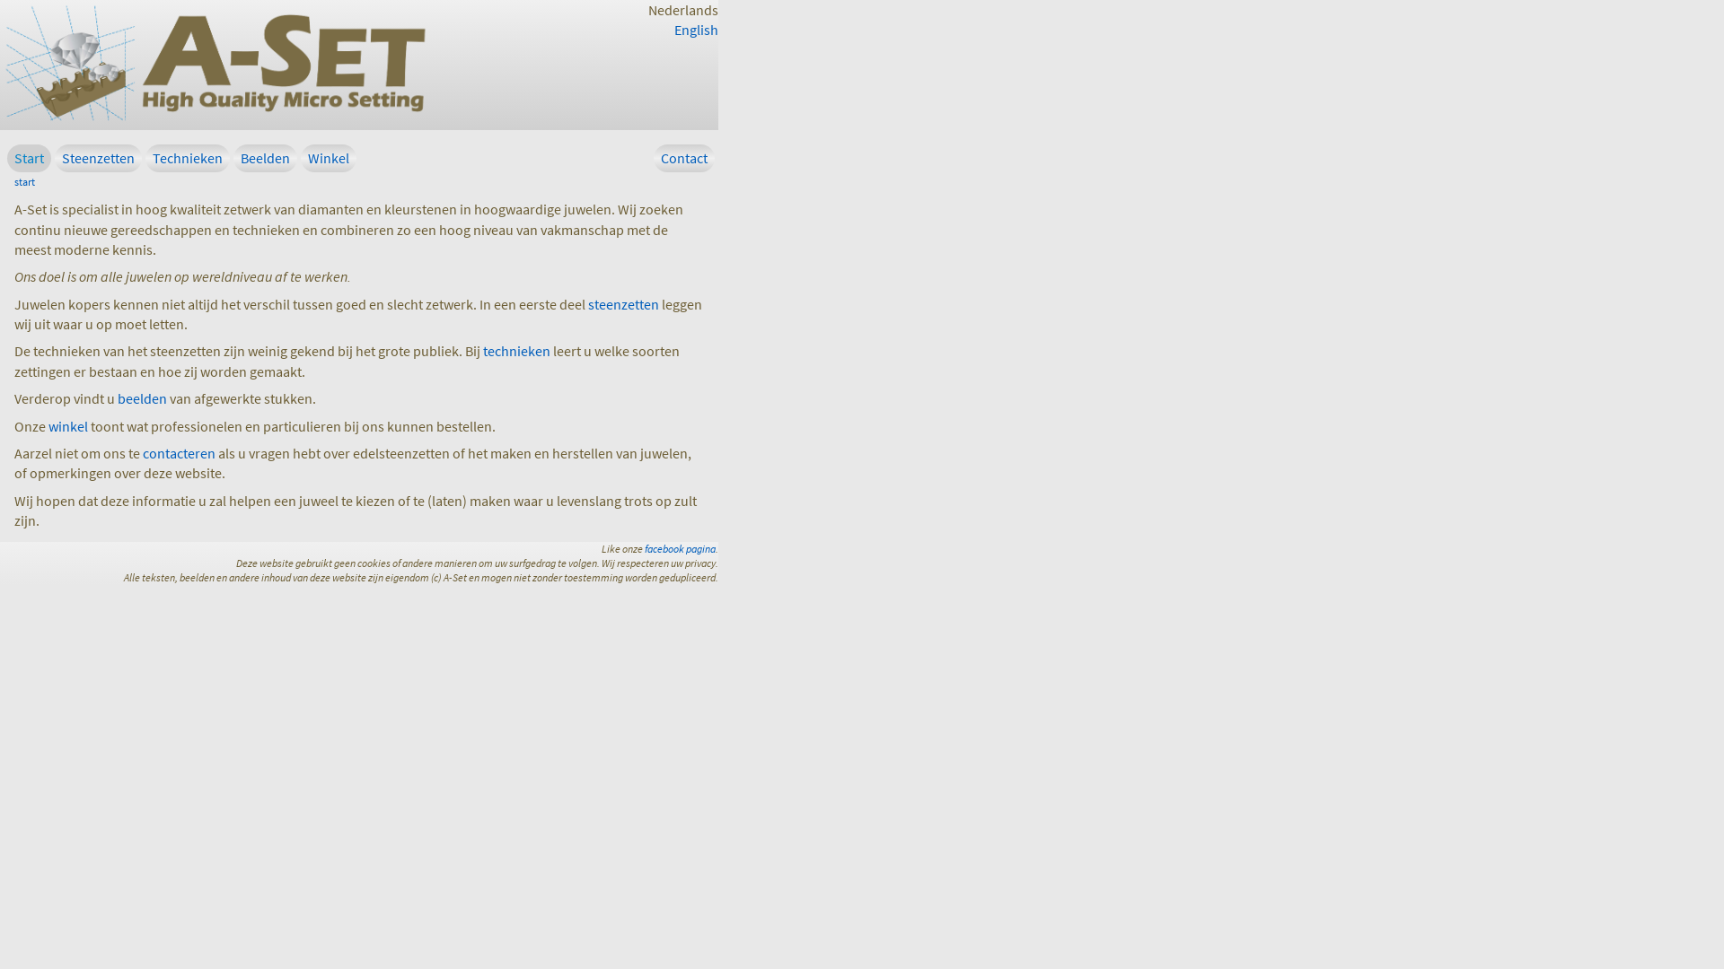 Image resolution: width=1724 pixels, height=969 pixels. What do you see at coordinates (623, 303) in the screenshot?
I see `'steenzetten'` at bounding box center [623, 303].